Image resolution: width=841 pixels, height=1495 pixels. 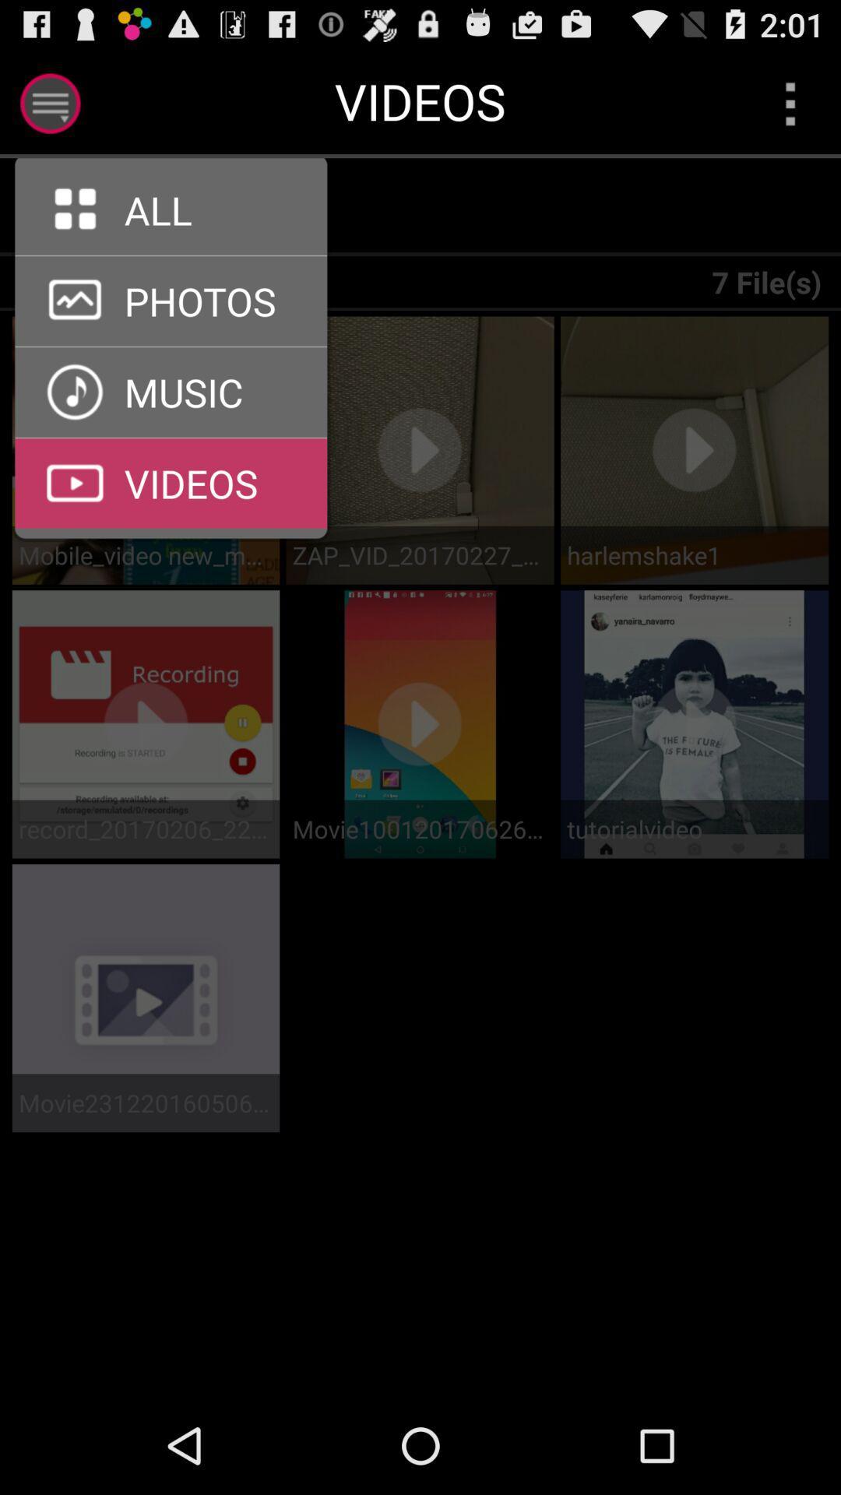 I want to click on show menu, so click(x=49, y=103).